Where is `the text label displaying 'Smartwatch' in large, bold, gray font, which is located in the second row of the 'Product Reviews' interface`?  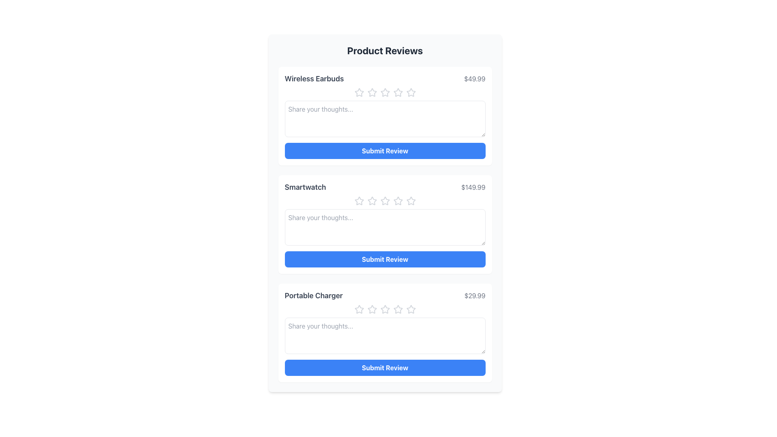 the text label displaying 'Smartwatch' in large, bold, gray font, which is located in the second row of the 'Product Reviews' interface is located at coordinates (305, 187).